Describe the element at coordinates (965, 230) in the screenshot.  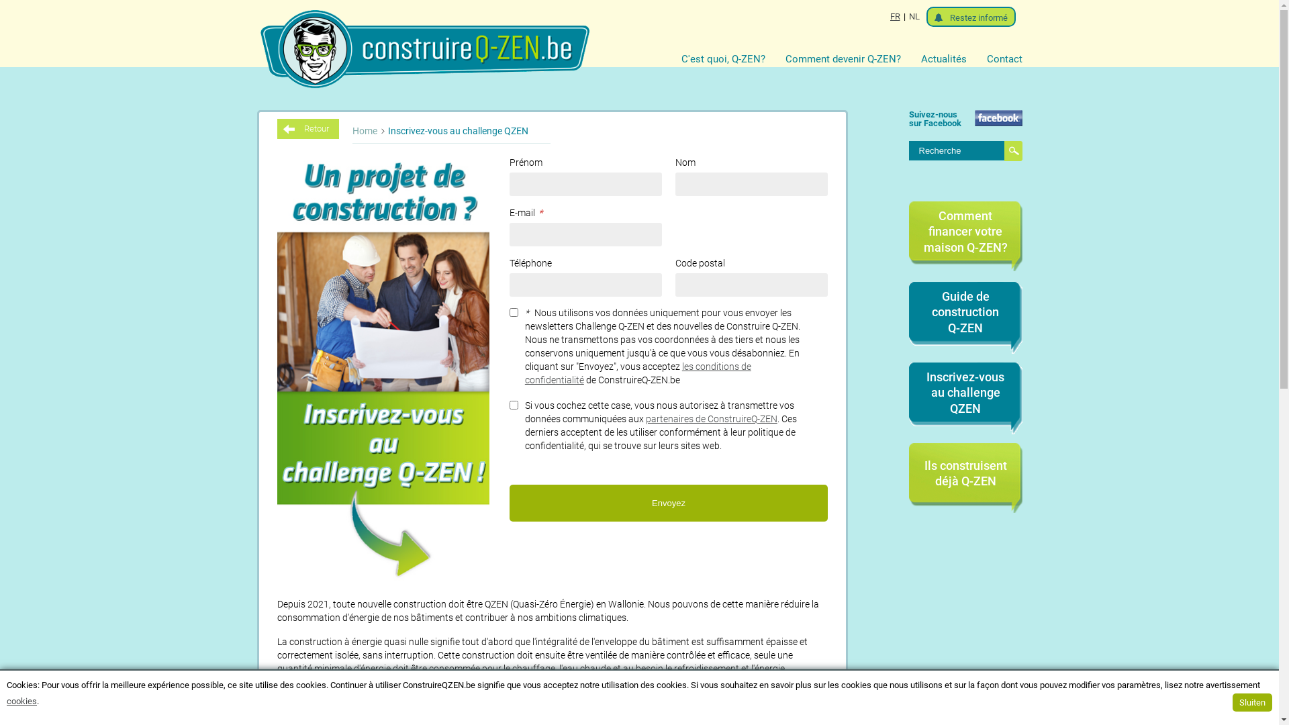
I see `'Comment financer votre maison Q-ZEN?'` at that location.